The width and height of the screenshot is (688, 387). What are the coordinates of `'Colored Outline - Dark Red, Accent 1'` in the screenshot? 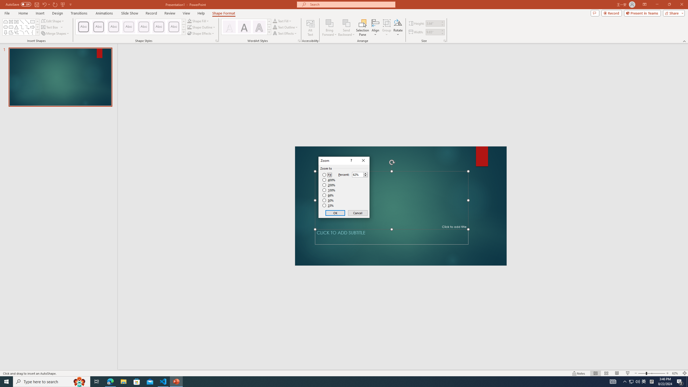 It's located at (98, 27).